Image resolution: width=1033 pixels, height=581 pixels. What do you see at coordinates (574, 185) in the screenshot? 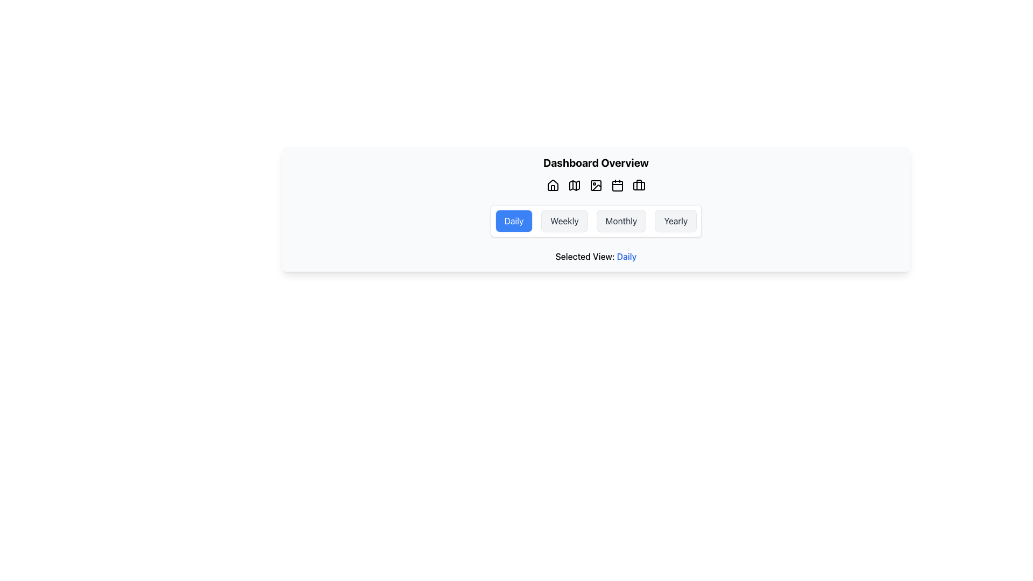
I see `the second icon resembling a stylized map, located underneath 'Dashboard Overview'` at bounding box center [574, 185].